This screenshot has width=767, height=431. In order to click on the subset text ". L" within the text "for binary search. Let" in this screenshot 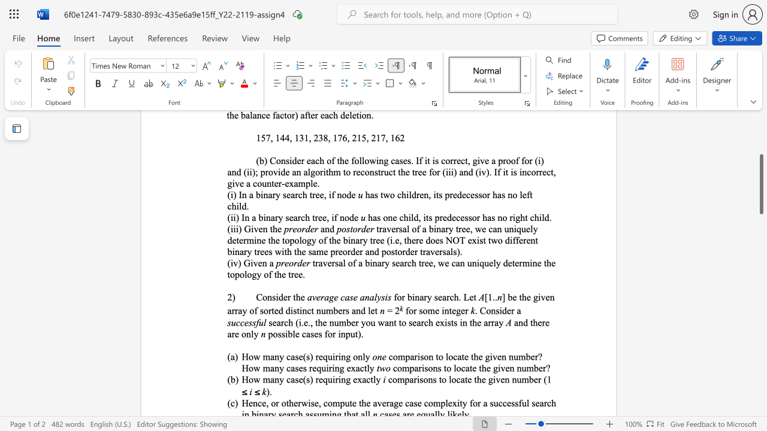, I will do `click(458, 296)`.